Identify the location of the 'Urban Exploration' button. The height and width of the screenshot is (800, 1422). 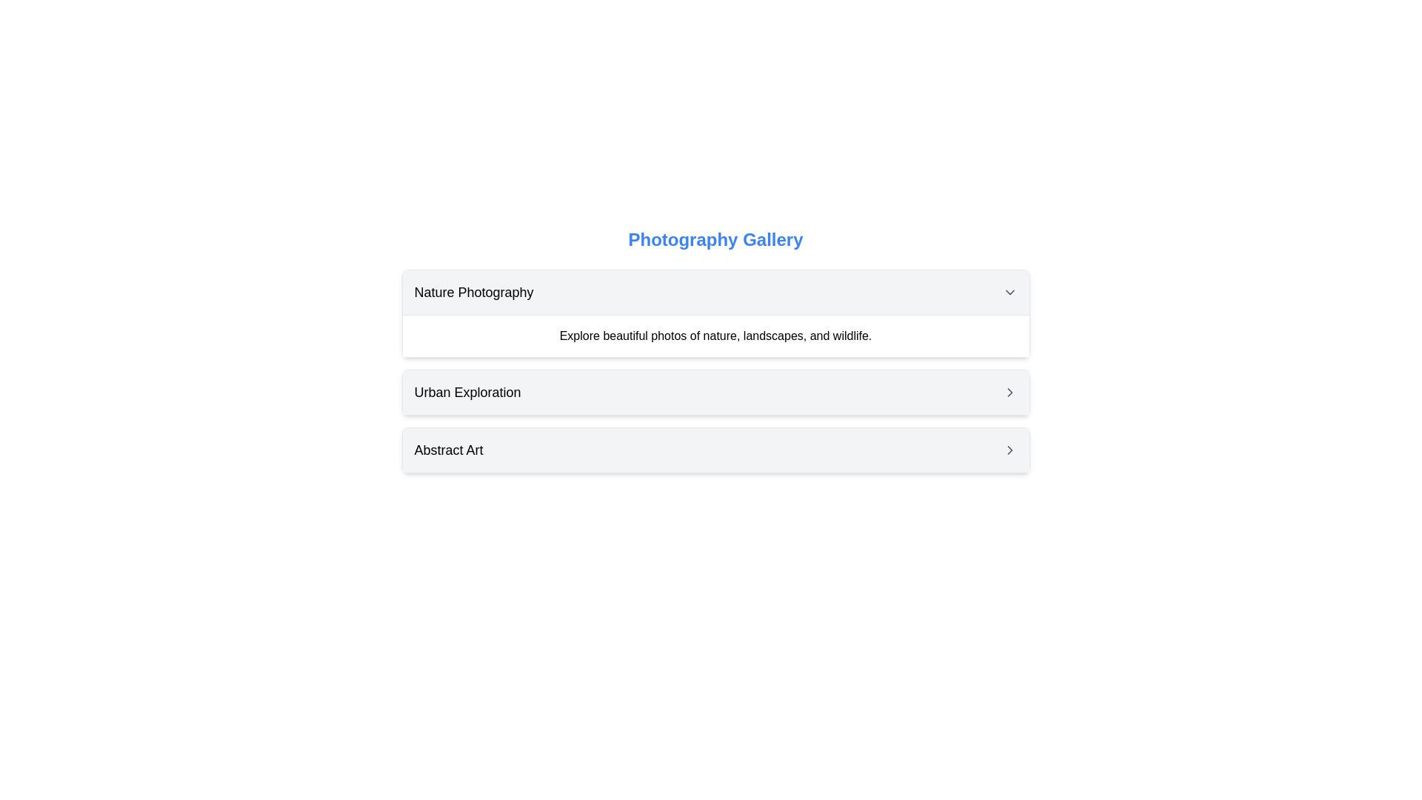
(715, 391).